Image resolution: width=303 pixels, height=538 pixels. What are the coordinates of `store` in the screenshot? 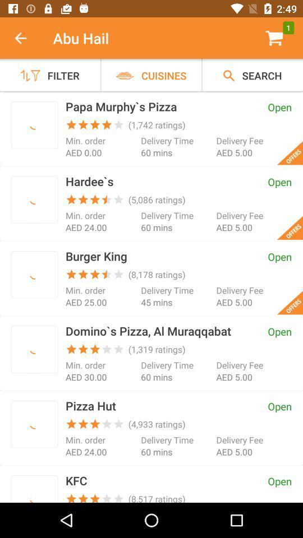 It's located at (34, 274).